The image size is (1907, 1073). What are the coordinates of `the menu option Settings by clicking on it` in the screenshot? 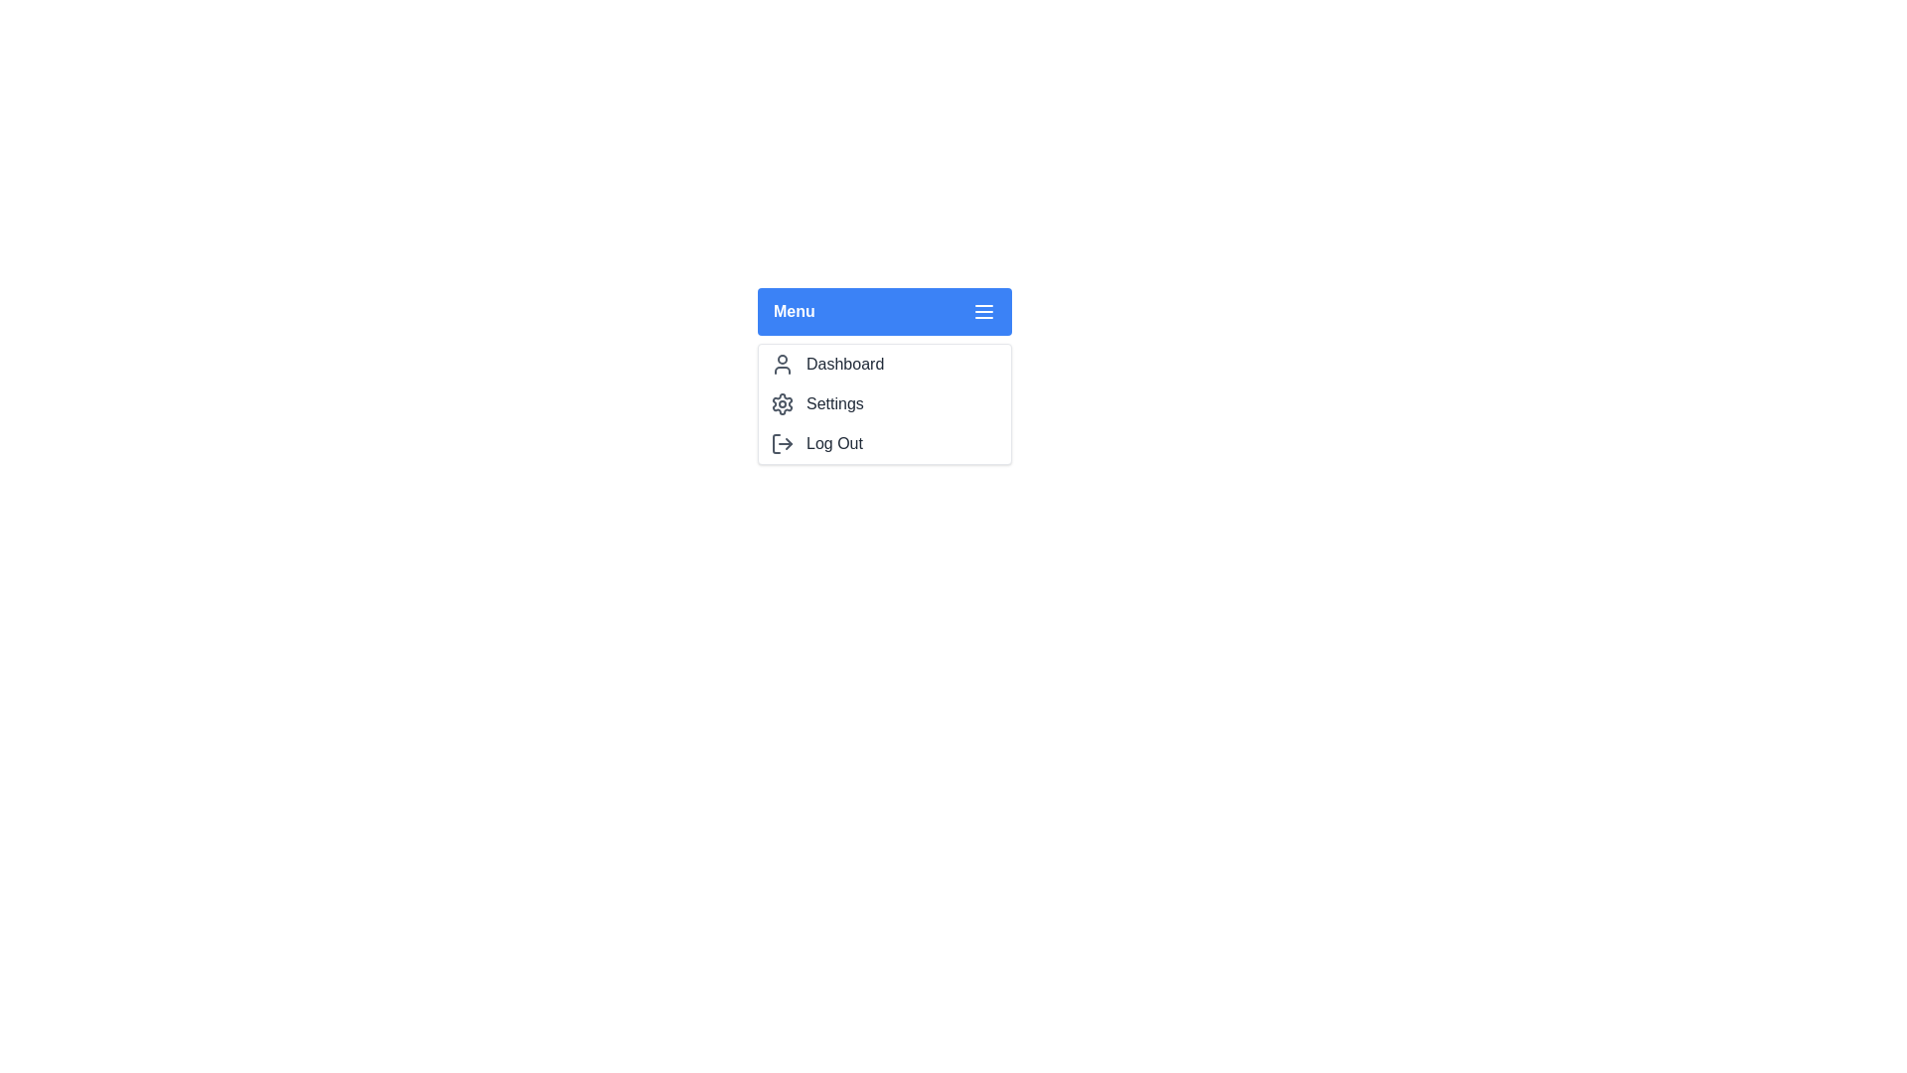 It's located at (884, 403).